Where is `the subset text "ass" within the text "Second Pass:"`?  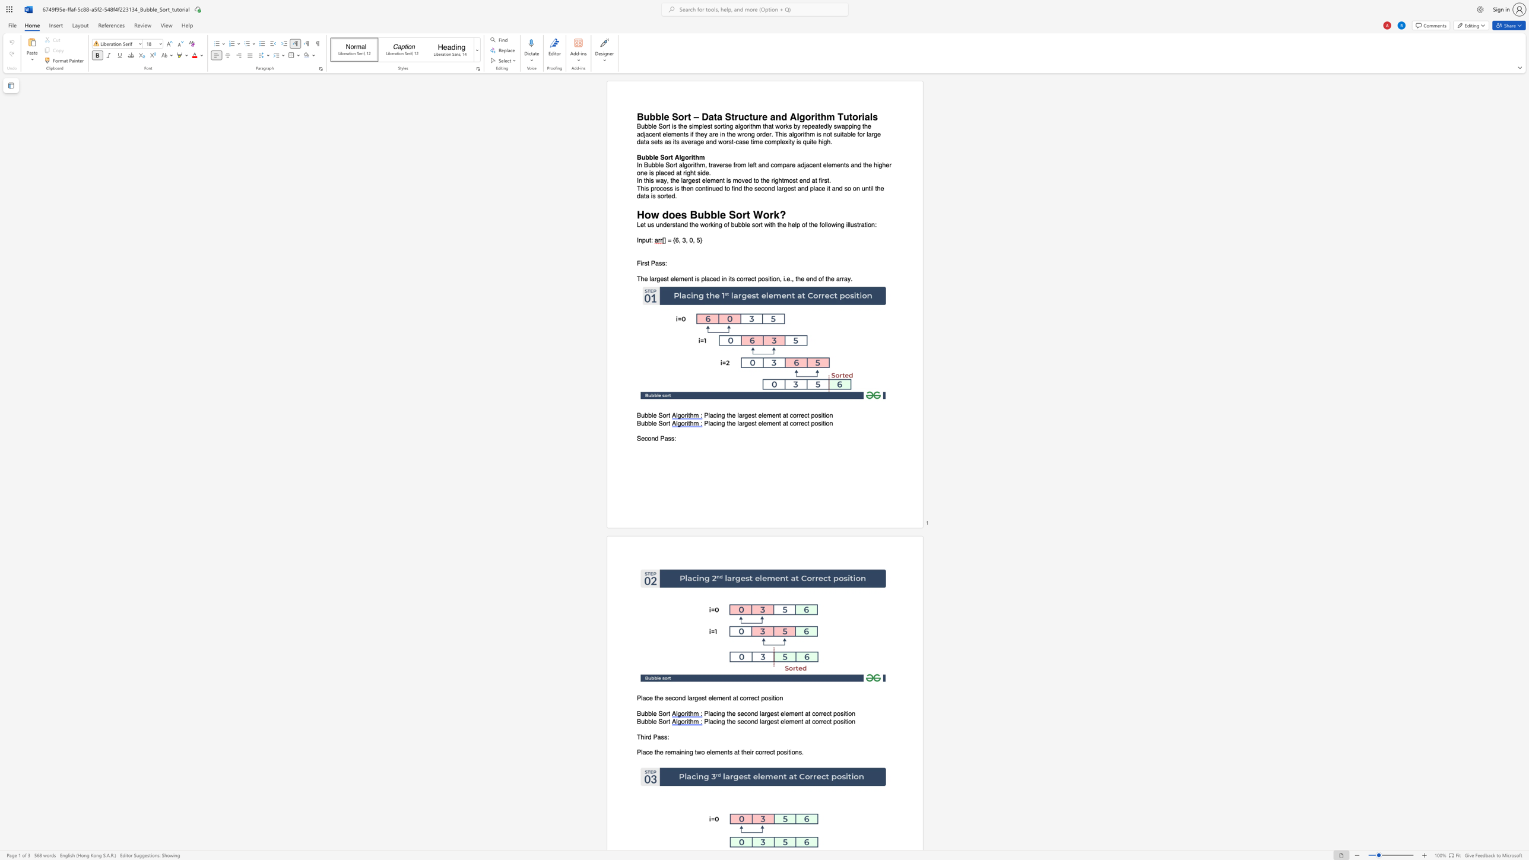 the subset text "ass" within the text "Second Pass:" is located at coordinates (664, 438).